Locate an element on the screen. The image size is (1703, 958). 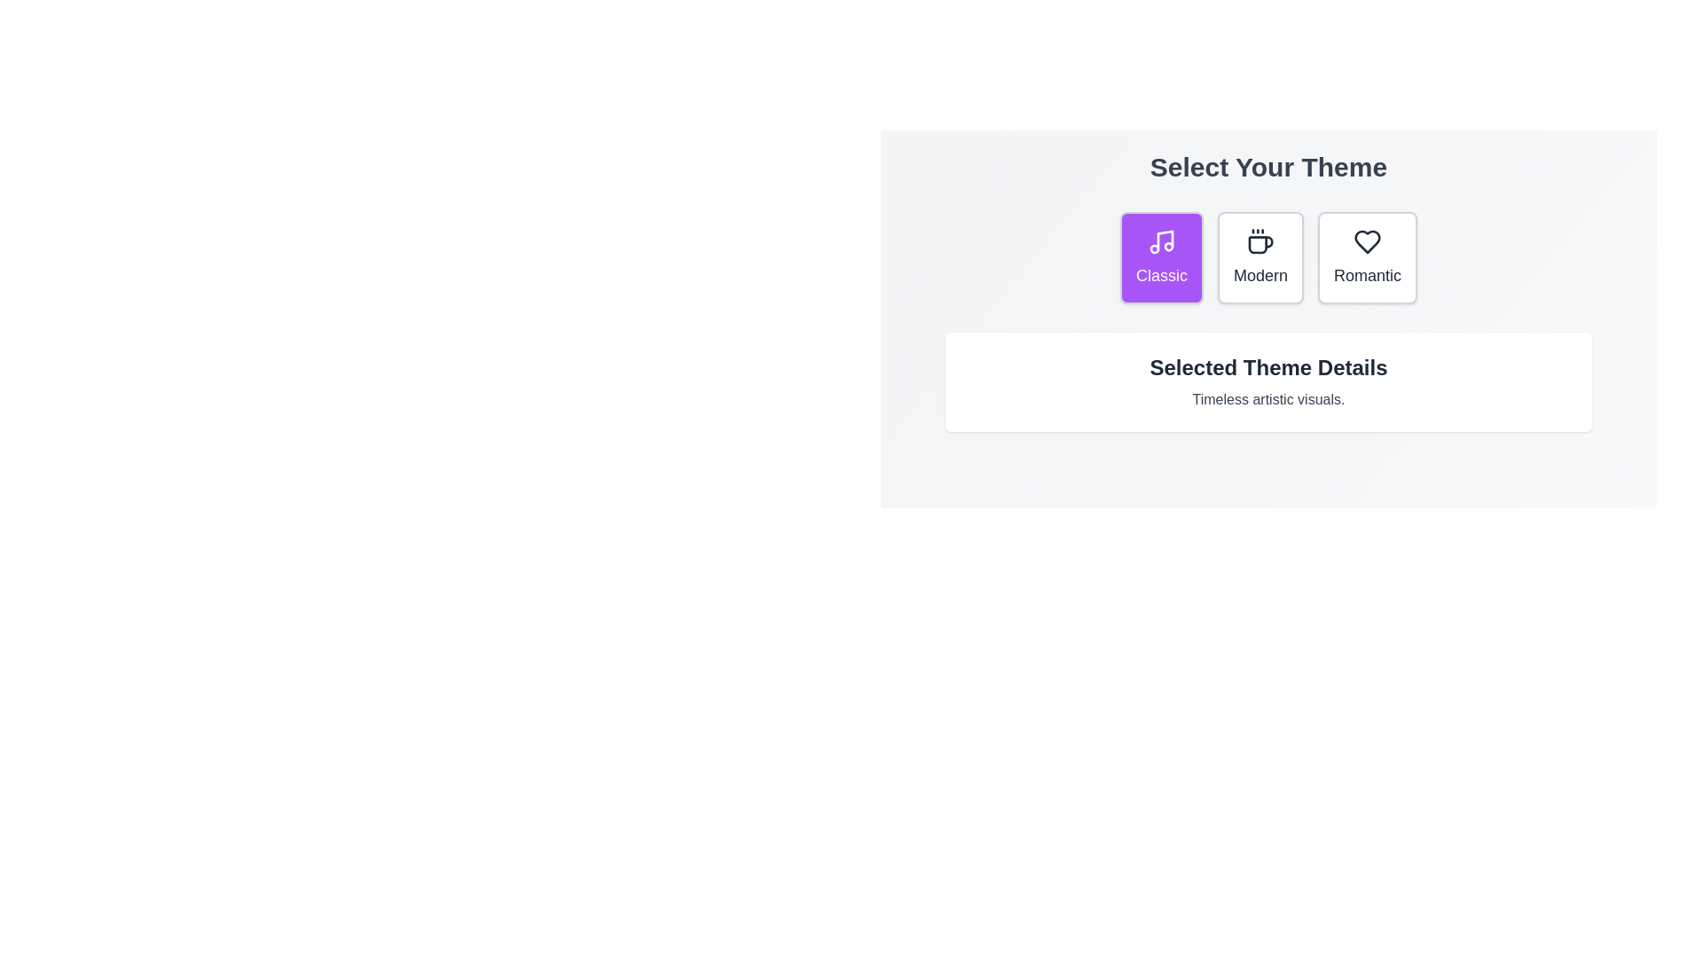
the theme button Modern to observe the transition effect is located at coordinates (1260, 257).